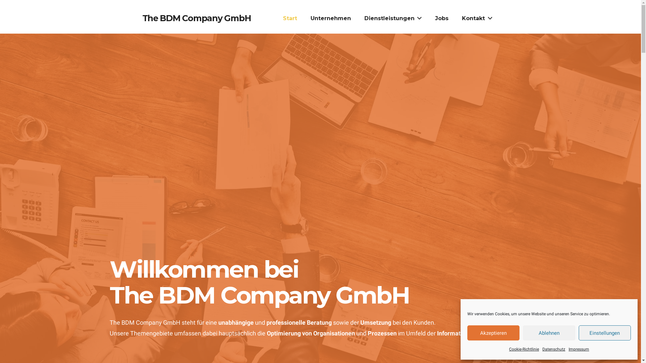  What do you see at coordinates (196, 18) in the screenshot?
I see `'The BDM Company GmbH'` at bounding box center [196, 18].